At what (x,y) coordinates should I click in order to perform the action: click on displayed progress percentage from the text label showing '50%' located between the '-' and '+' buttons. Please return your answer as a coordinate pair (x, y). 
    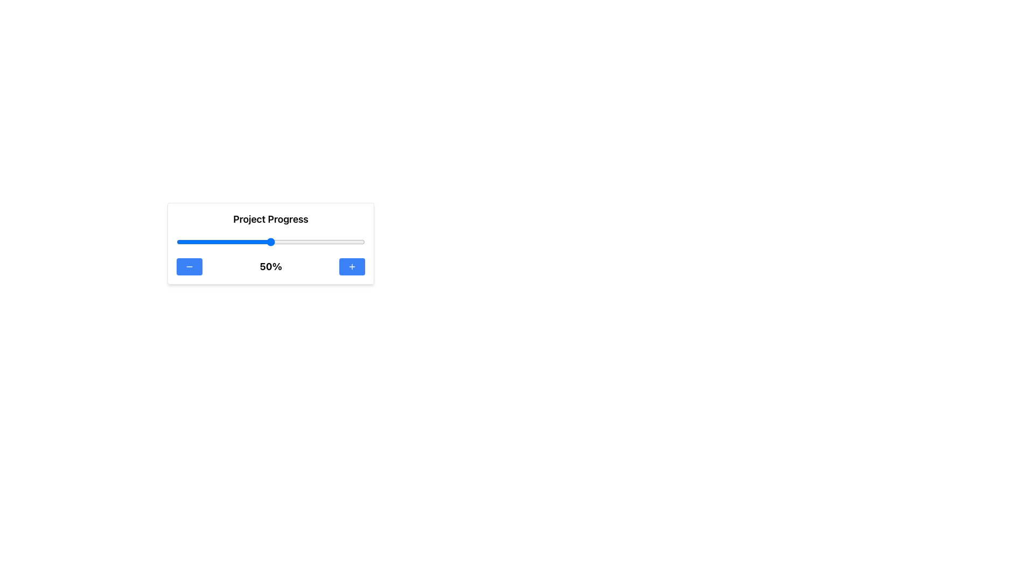
    Looking at the image, I should click on (271, 266).